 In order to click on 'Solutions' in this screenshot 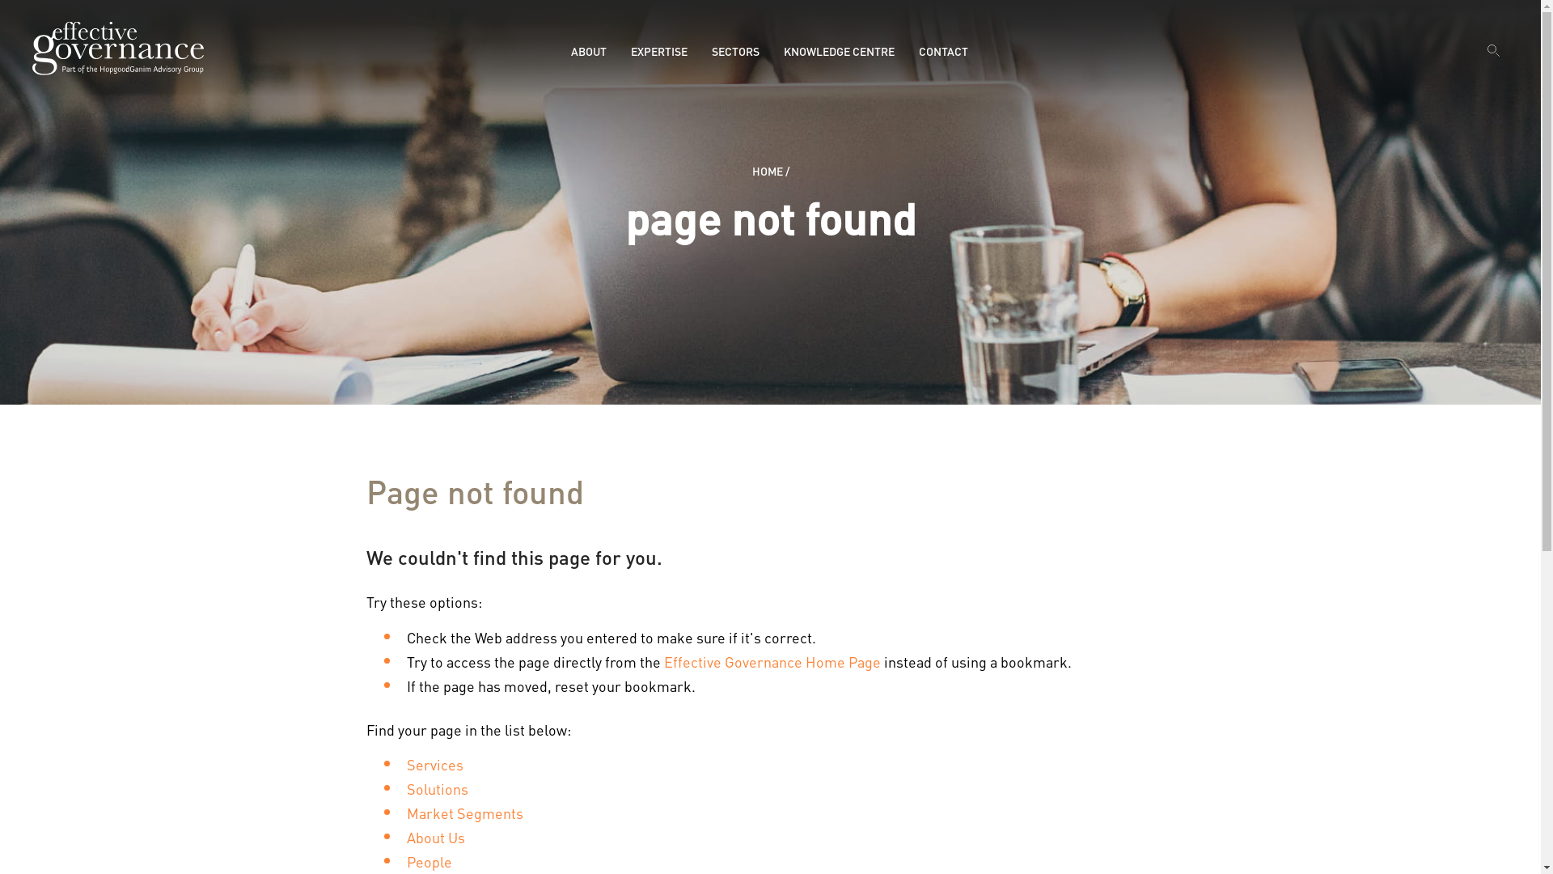, I will do `click(436, 787)`.